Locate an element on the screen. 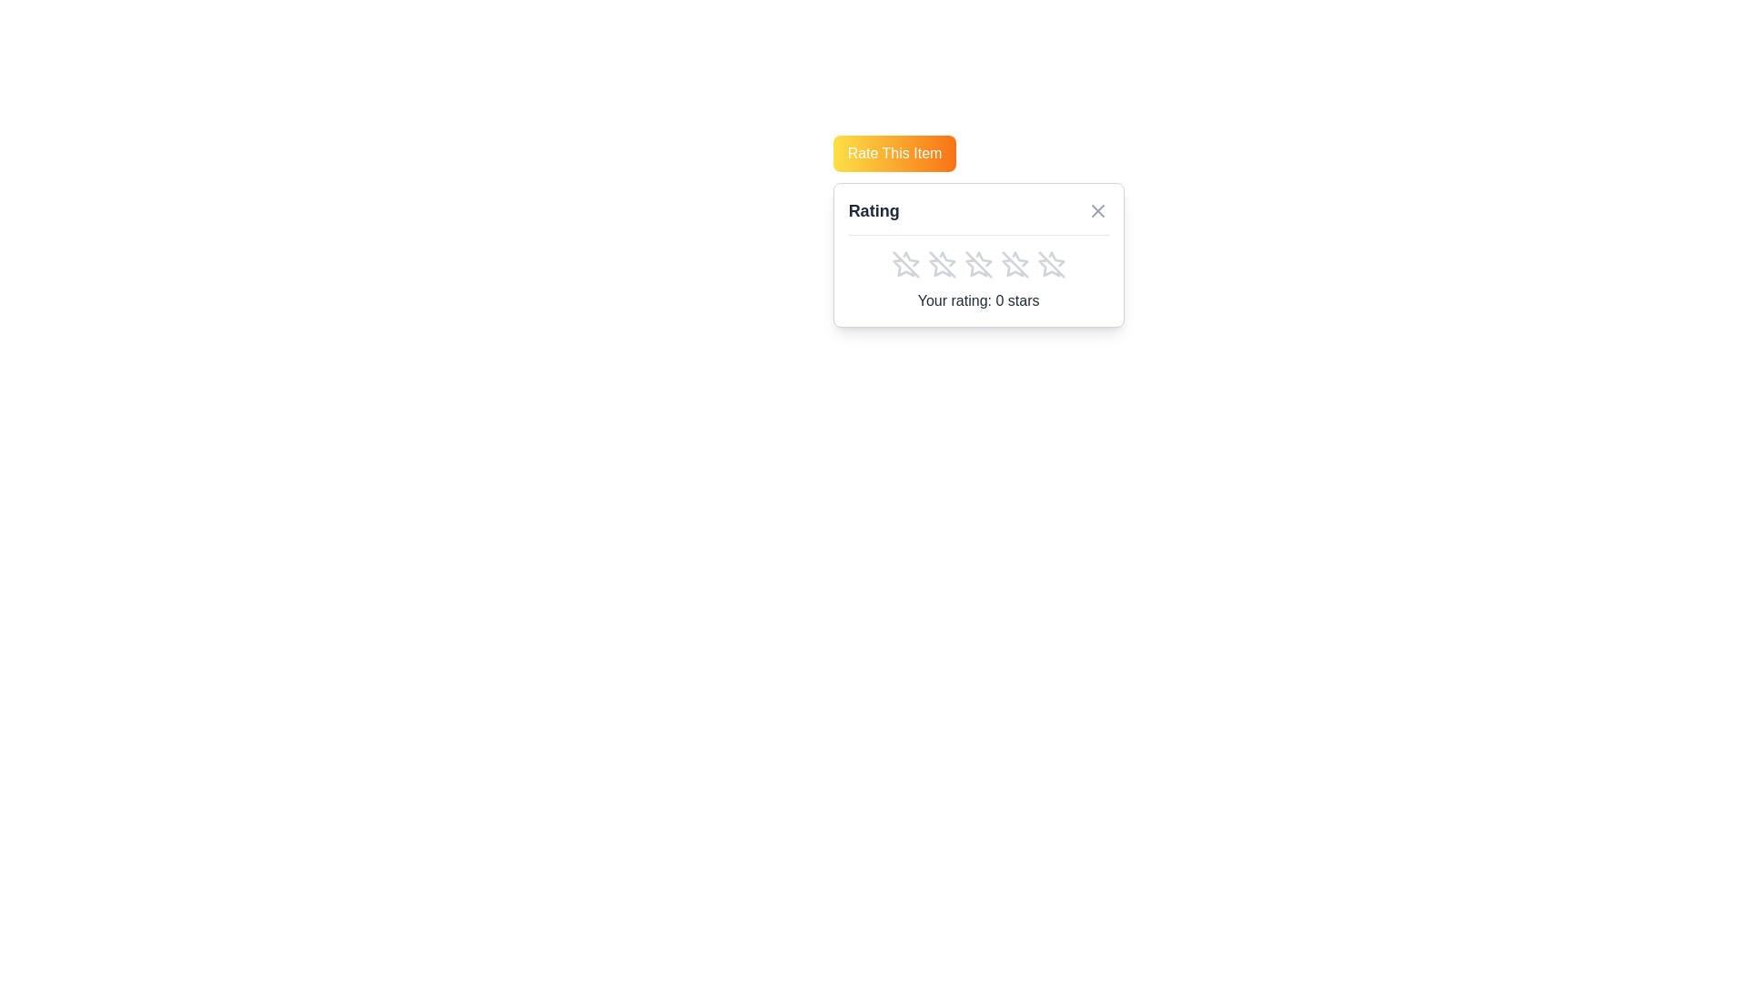  the fifth star in the rating system, which is represented as an outlined star with a diagonal line crossing it is located at coordinates (1014, 264).